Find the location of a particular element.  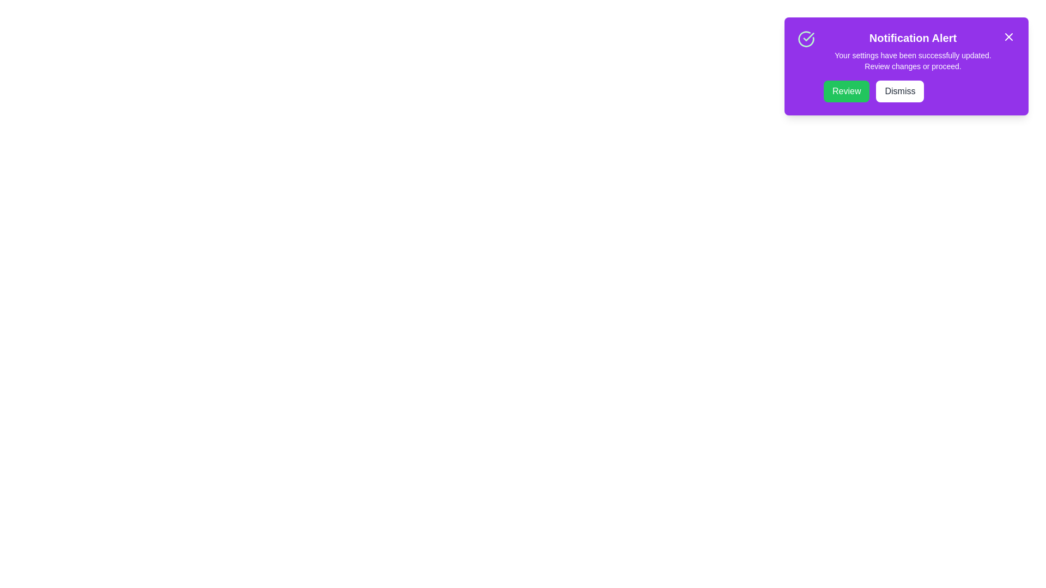

the 'Dismiss' button with a white background and rounded corners is located at coordinates (900, 91).